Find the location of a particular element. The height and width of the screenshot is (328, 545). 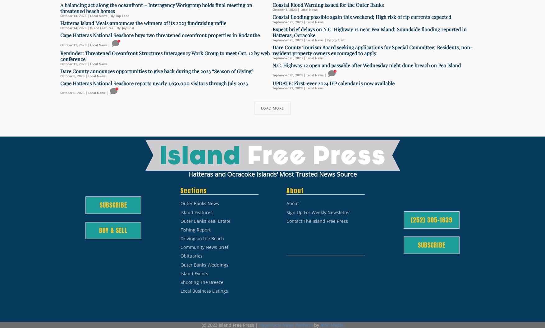

'Driving on the Beach' is located at coordinates (202, 238).